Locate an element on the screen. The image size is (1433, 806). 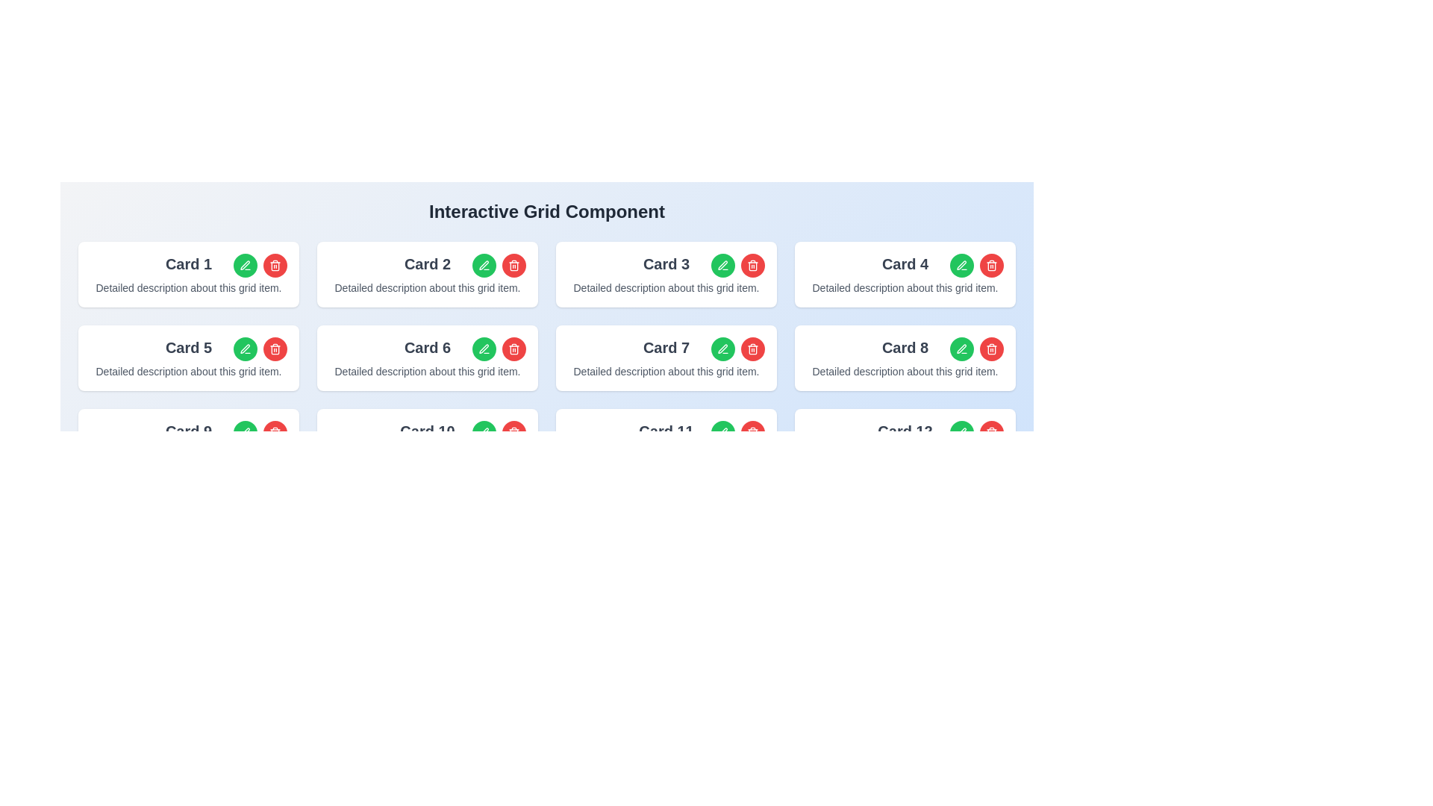
the edit icon within the green circular button associated with Card 1 is located at coordinates (246, 264).